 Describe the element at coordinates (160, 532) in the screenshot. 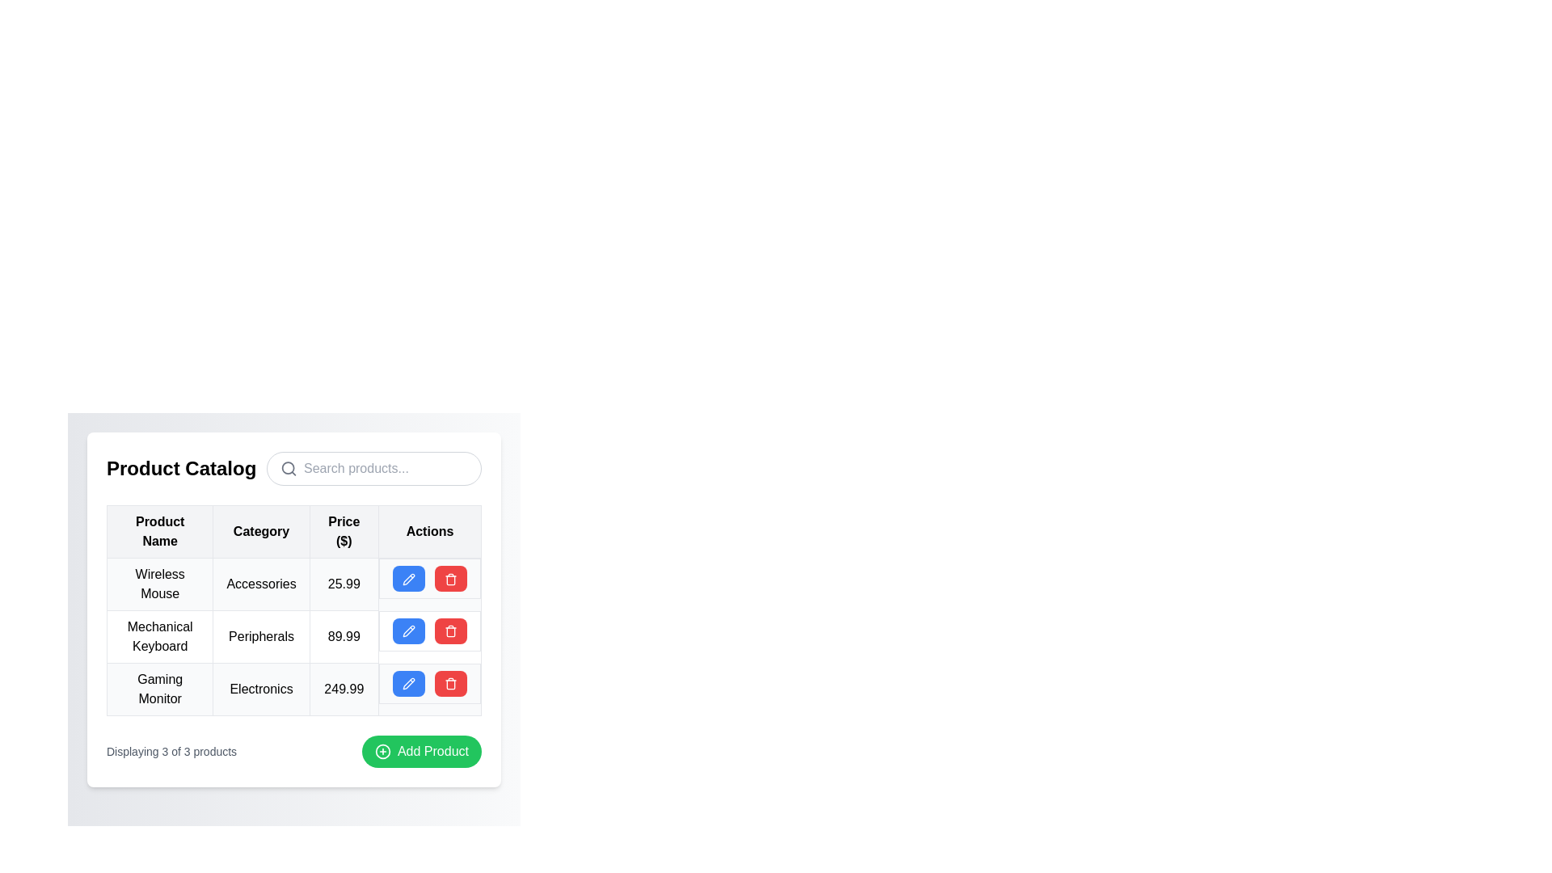

I see `the Table Header Cell indicating product names, which is the first cell in the top row of the table under the 'Product Catalog'` at that location.